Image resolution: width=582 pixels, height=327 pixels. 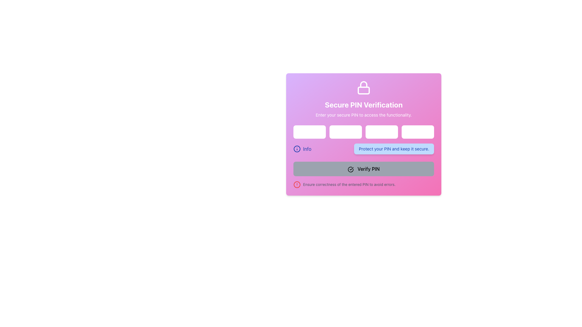 What do you see at coordinates (364, 104) in the screenshot?
I see `the heading 'Secure PIN Verification' which is styled in bold, large white font and prominently positioned at the top of the card-like component` at bounding box center [364, 104].